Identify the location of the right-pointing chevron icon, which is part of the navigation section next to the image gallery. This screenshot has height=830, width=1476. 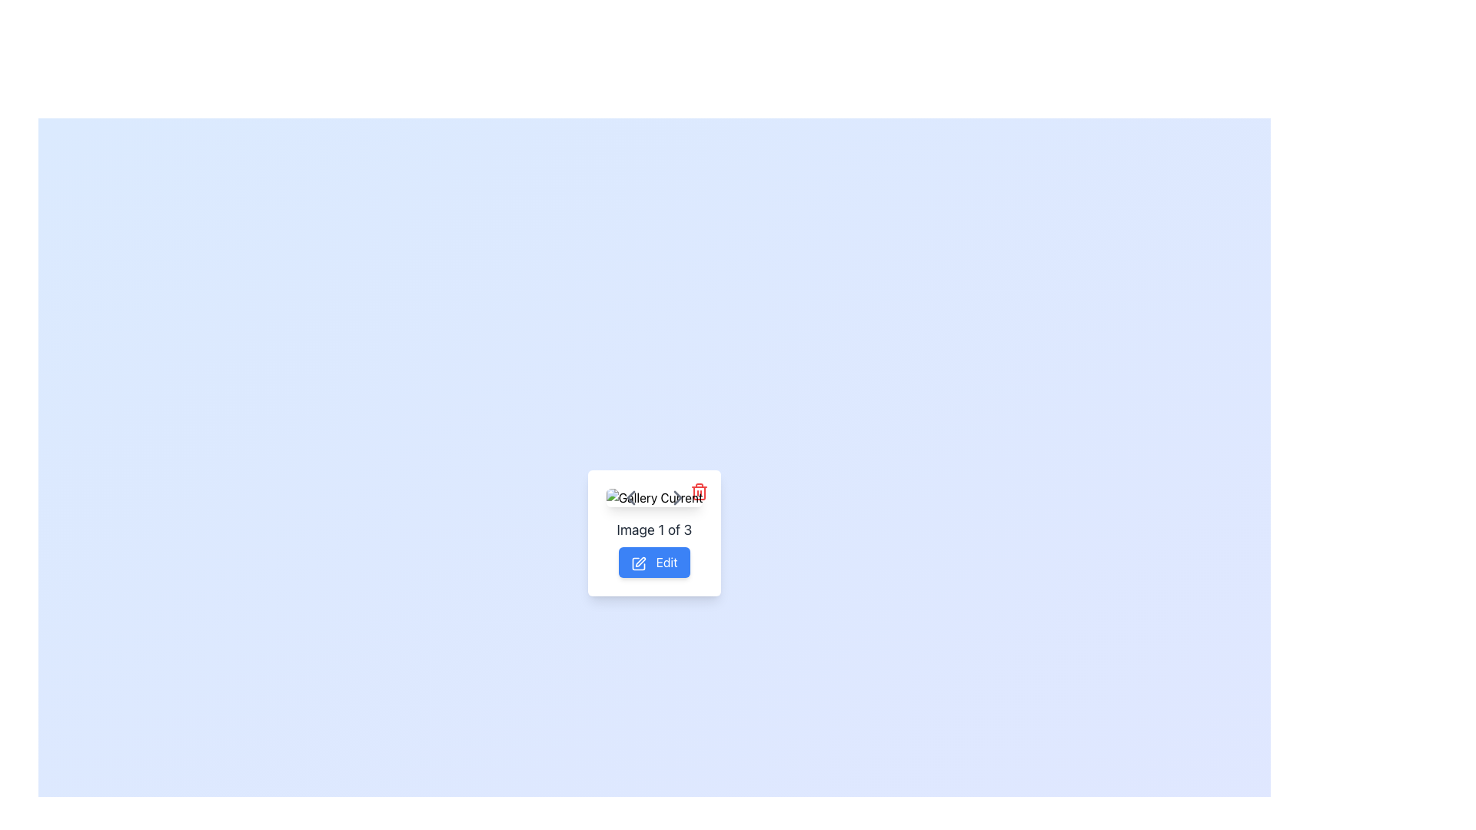
(677, 498).